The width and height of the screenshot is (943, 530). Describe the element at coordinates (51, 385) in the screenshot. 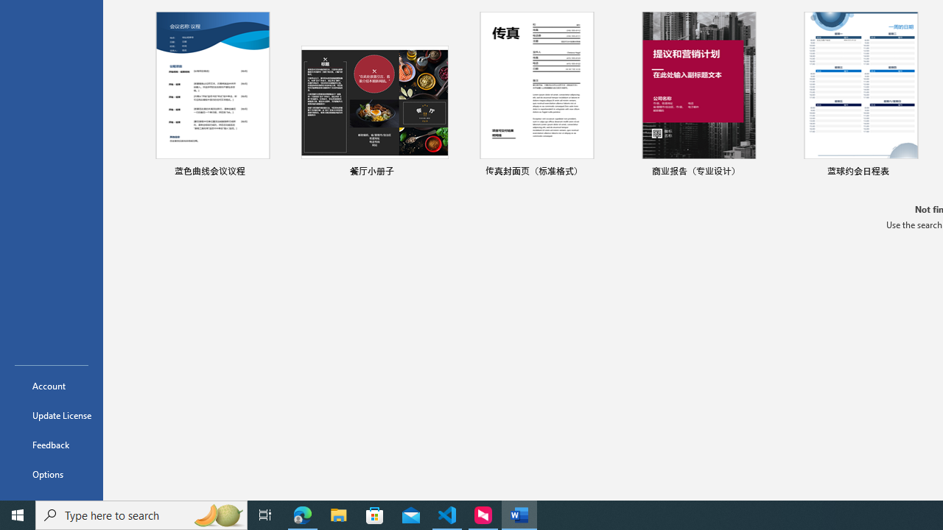

I see `'Account'` at that location.